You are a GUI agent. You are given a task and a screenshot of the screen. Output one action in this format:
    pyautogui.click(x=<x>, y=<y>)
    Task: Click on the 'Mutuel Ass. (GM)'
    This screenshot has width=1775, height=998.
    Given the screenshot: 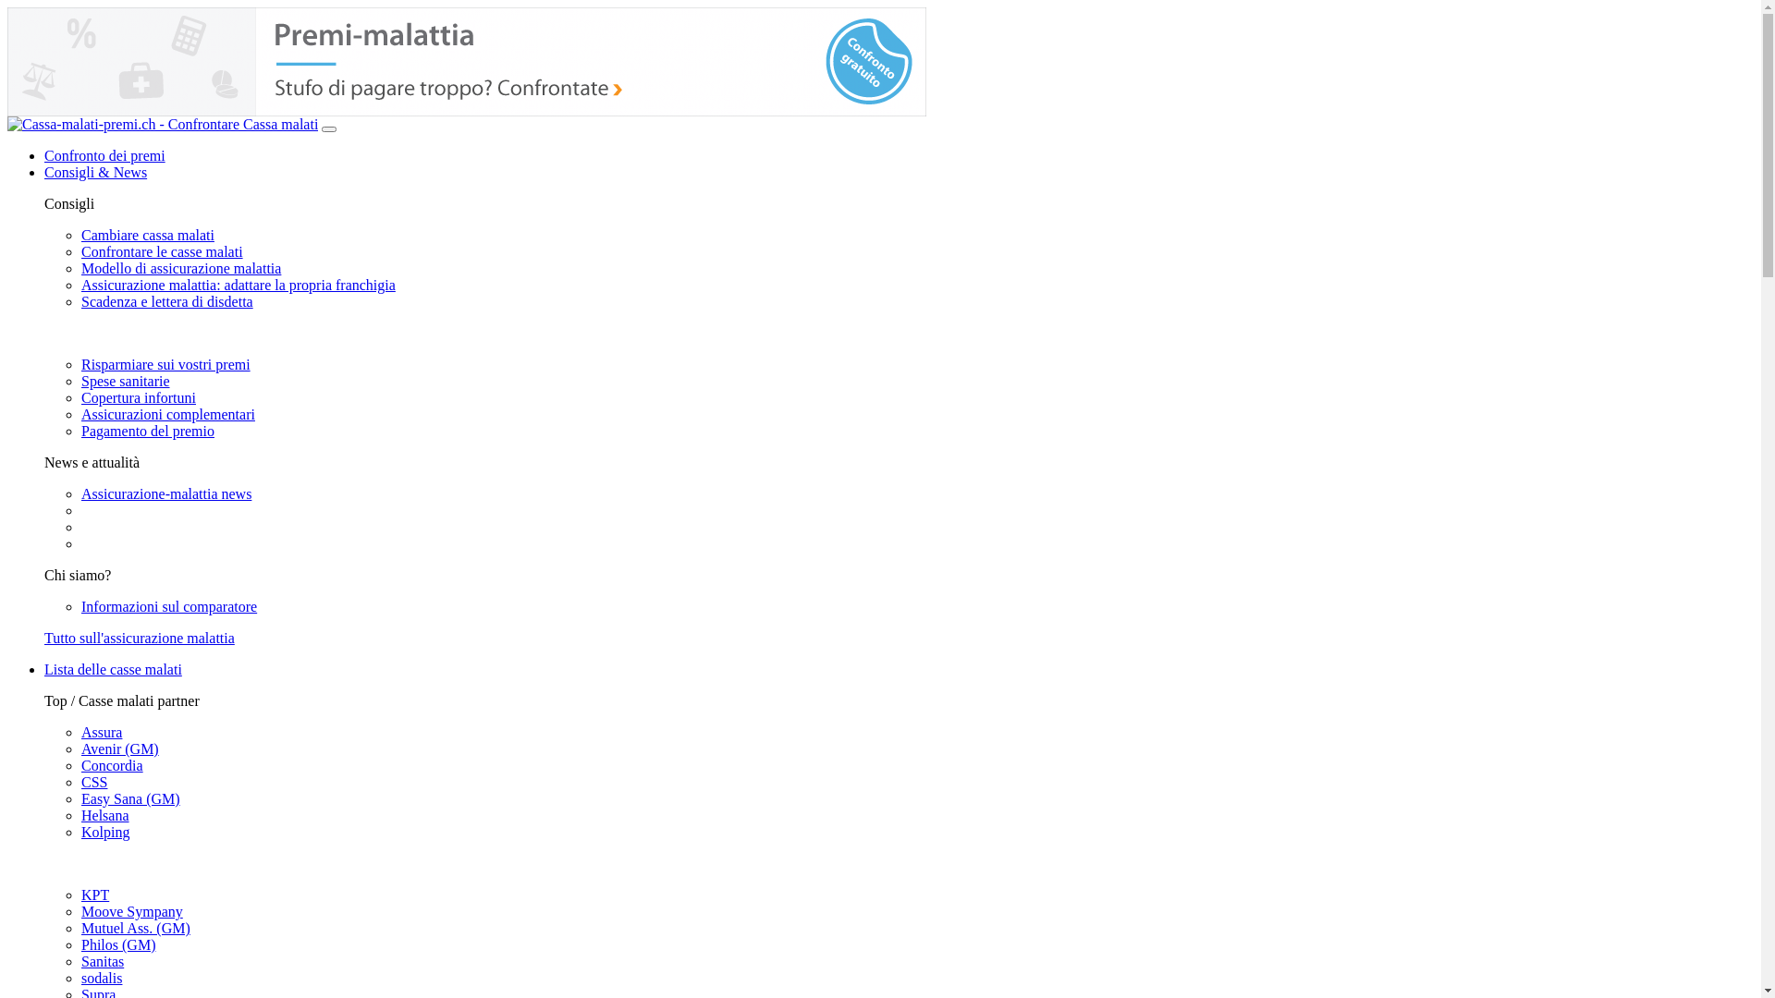 What is the action you would take?
    pyautogui.click(x=135, y=928)
    